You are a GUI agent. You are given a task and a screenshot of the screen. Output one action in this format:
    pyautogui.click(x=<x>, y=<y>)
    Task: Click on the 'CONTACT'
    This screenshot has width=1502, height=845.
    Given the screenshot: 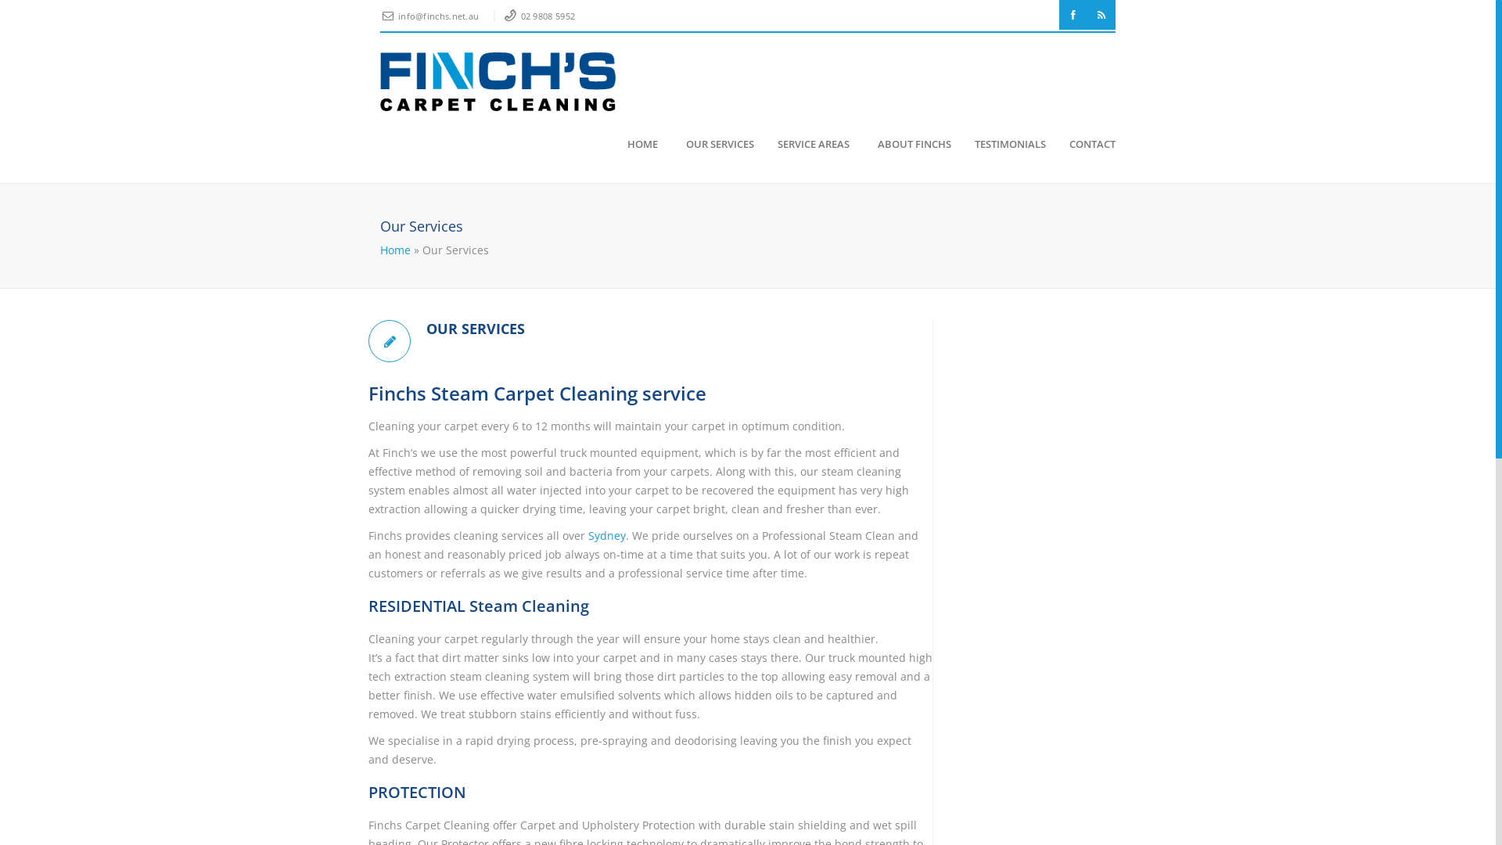 What is the action you would take?
    pyautogui.click(x=1084, y=144)
    